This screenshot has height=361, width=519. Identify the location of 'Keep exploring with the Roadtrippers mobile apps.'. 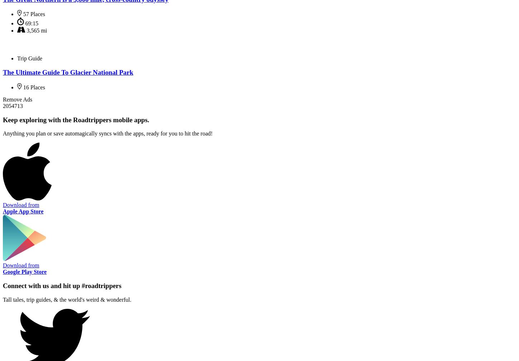
(75, 119).